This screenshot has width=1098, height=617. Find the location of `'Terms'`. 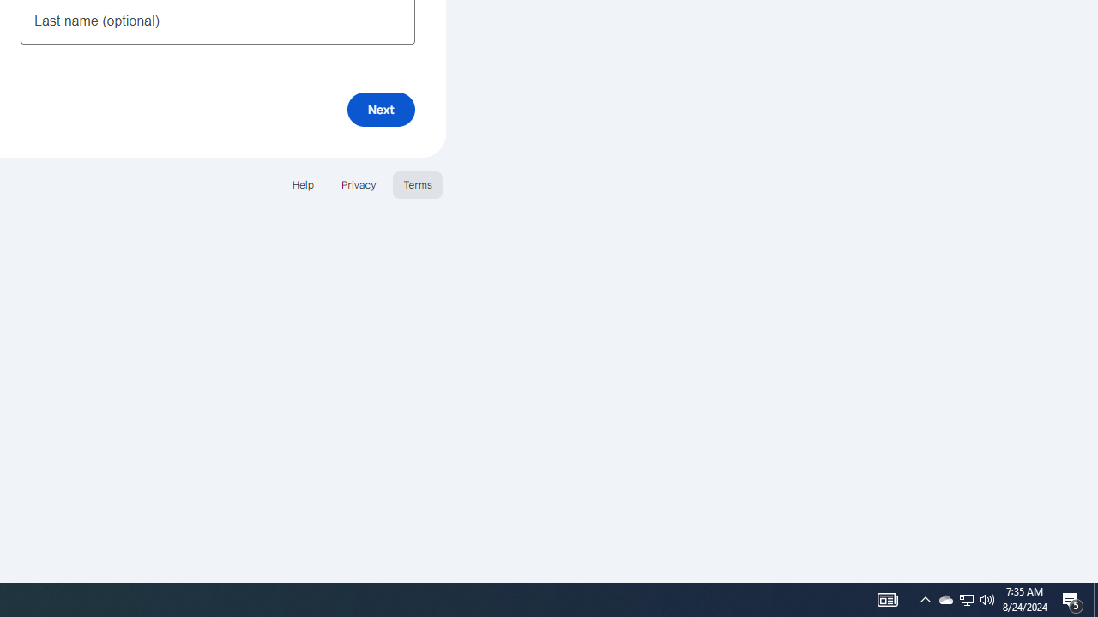

'Terms' is located at coordinates (418, 184).